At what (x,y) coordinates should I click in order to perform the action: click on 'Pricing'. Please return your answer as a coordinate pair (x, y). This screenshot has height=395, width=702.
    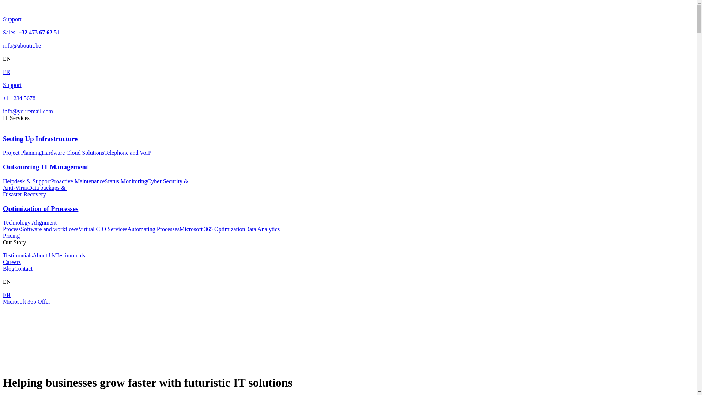
    Looking at the image, I should click on (3, 236).